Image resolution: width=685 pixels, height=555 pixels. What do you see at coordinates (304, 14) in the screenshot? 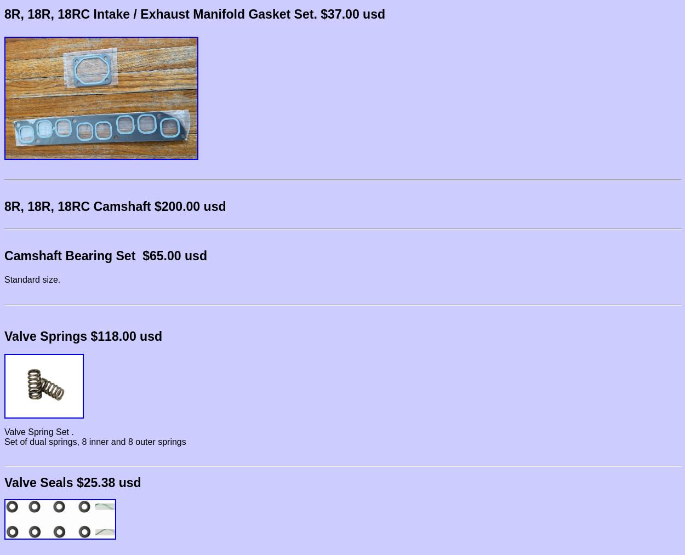
I see `'Set.'` at bounding box center [304, 14].